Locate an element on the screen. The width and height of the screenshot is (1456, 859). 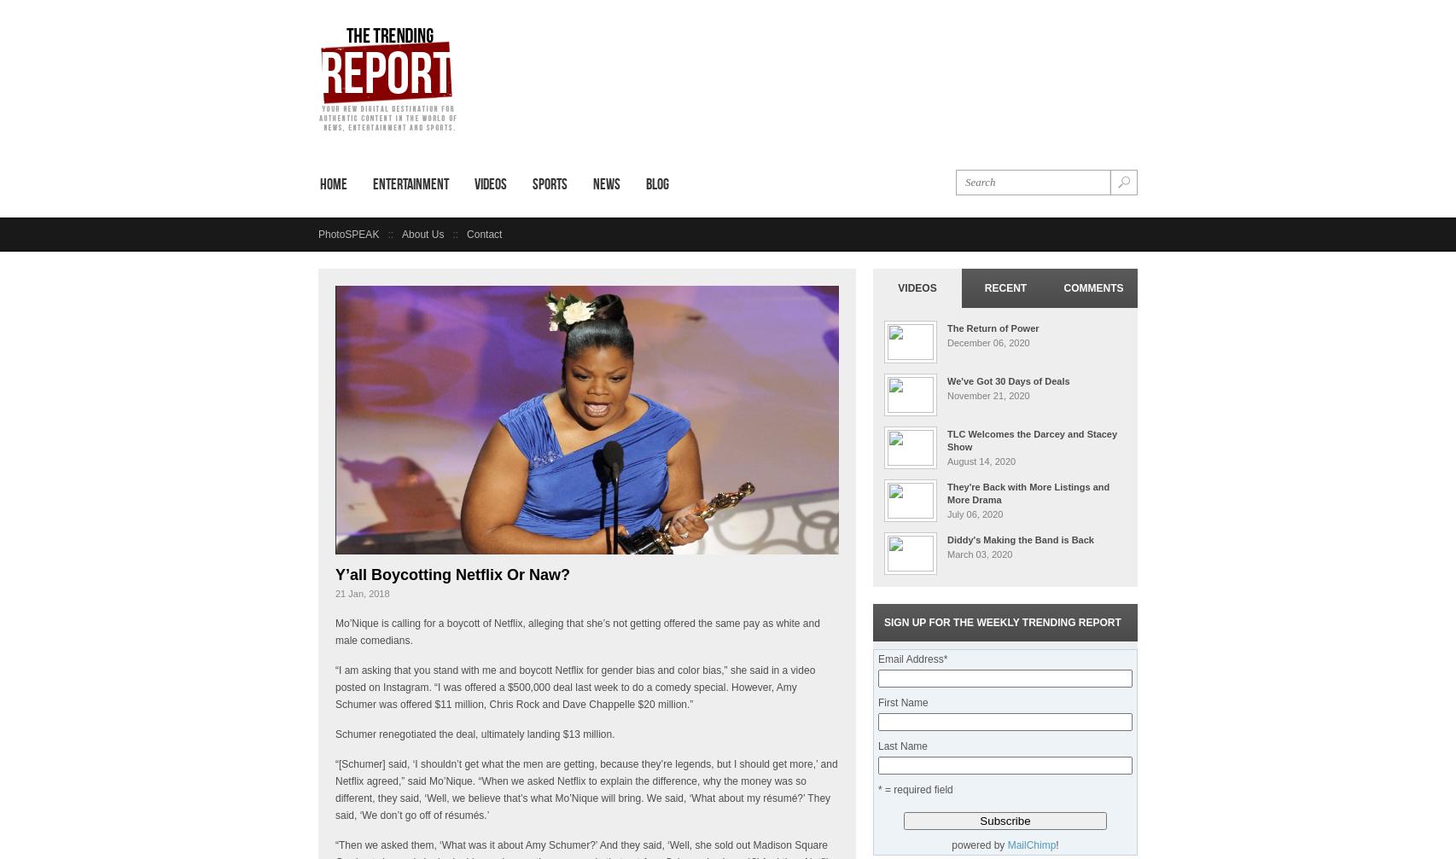
'MailChimp' is located at coordinates (1031, 844).